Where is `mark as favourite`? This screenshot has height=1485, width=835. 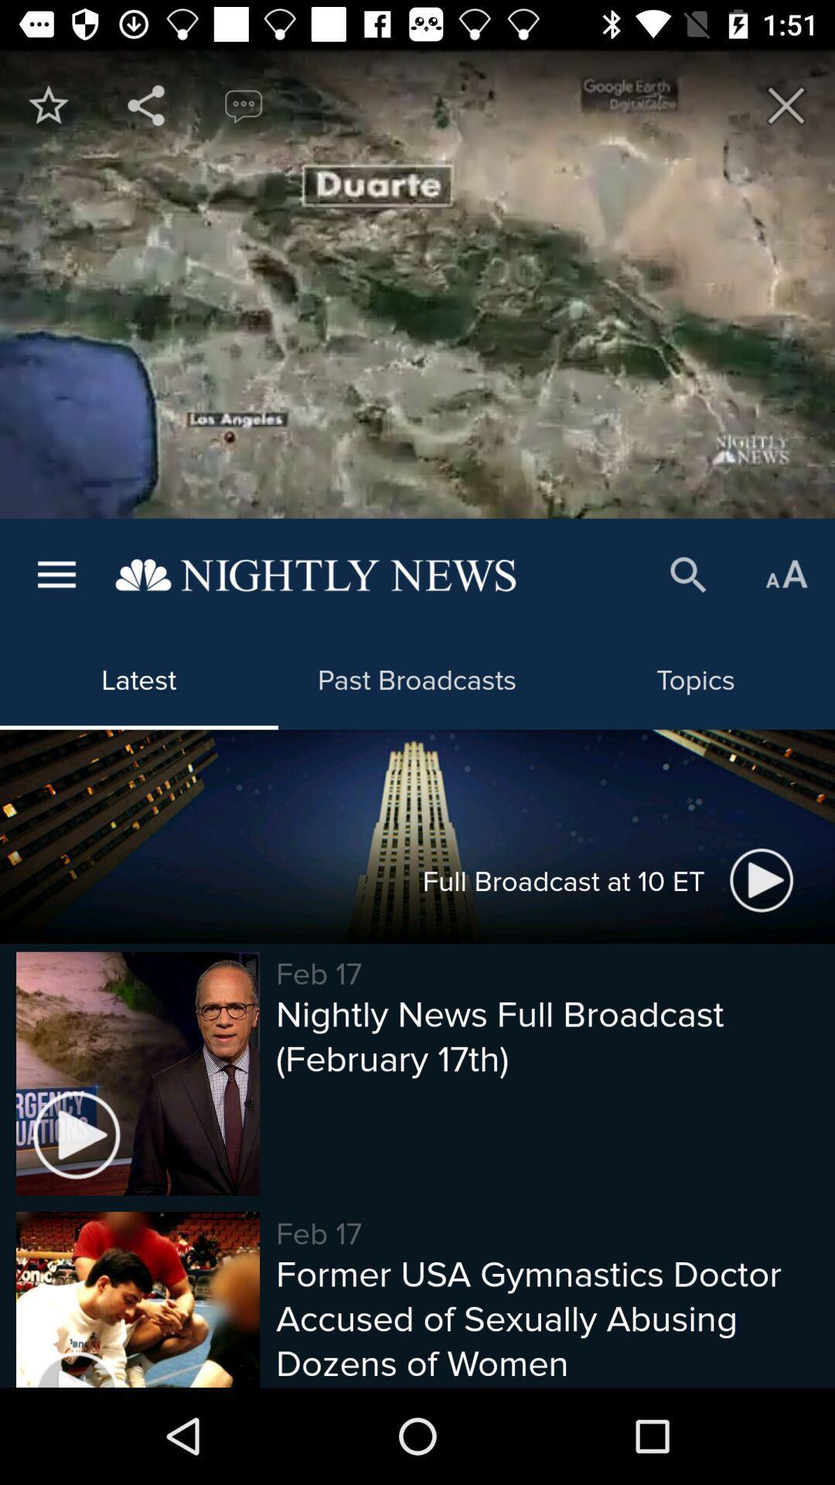 mark as favourite is located at coordinates (47, 104).